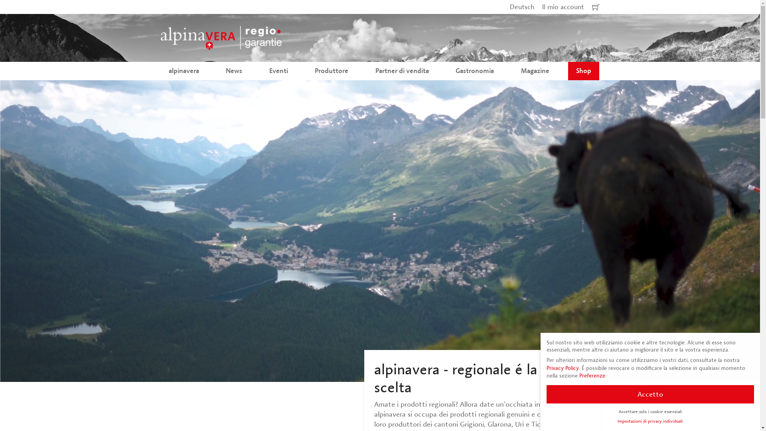 The image size is (766, 431). I want to click on 'Privacy Policy', so click(562, 368).